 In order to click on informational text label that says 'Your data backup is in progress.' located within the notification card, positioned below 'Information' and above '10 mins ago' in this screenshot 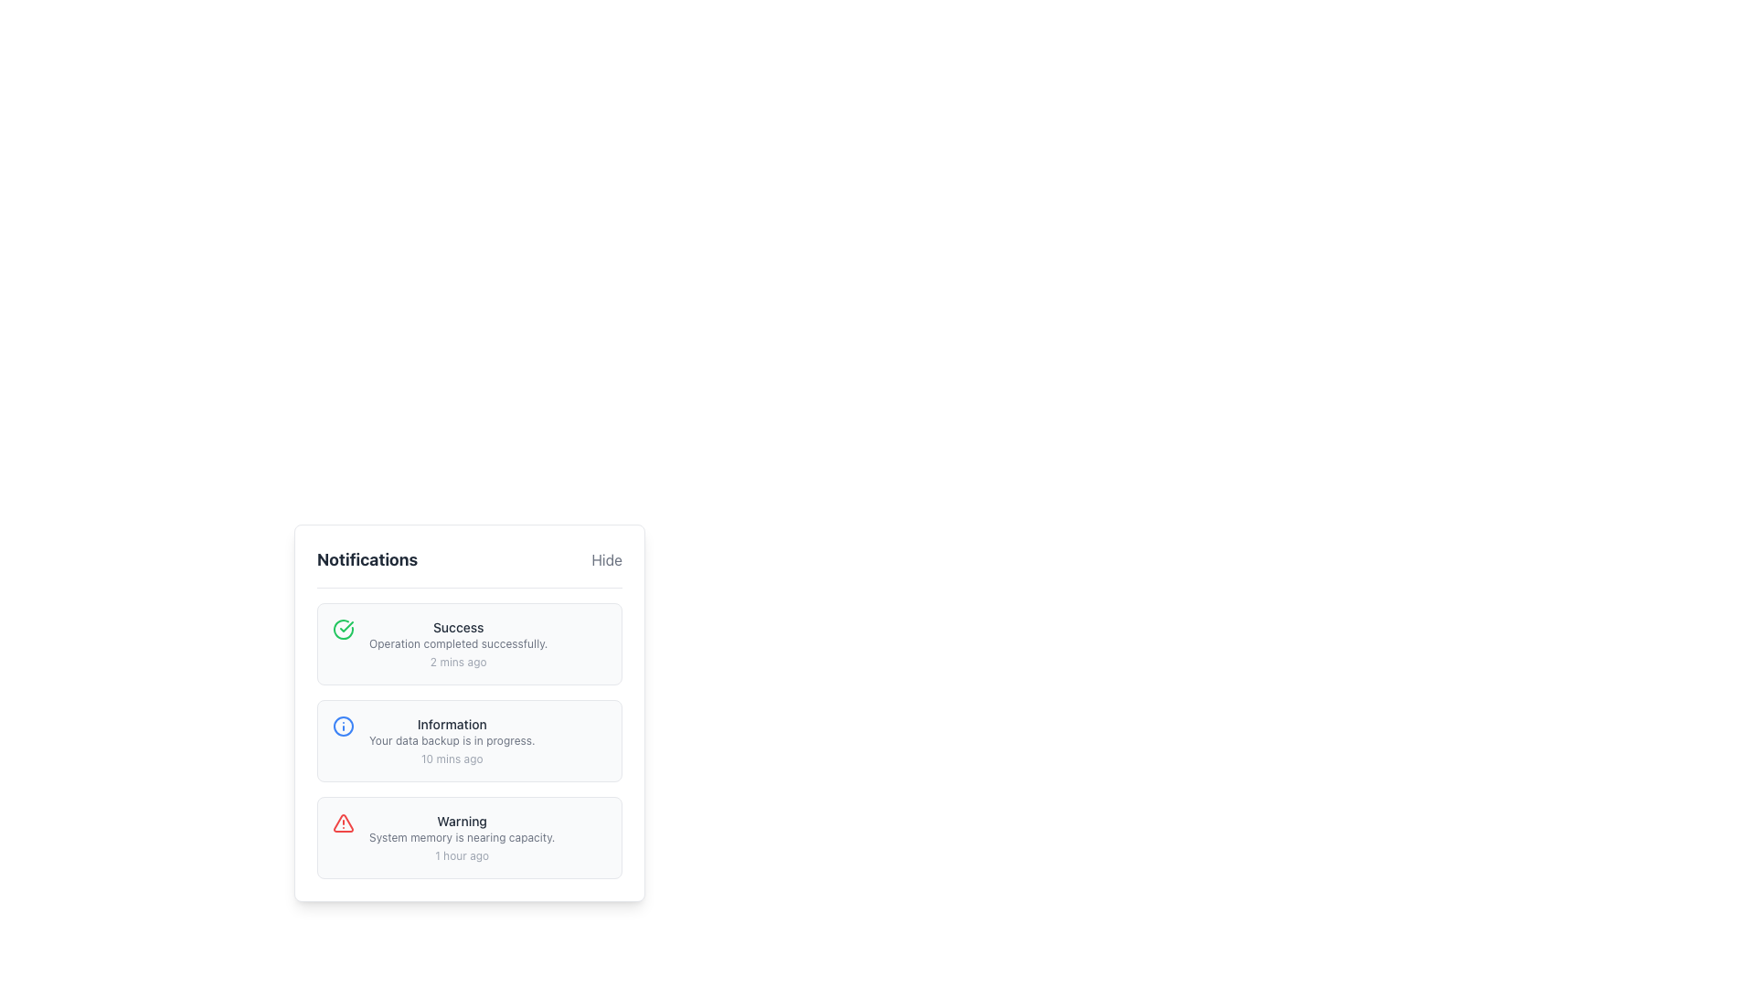, I will do `click(452, 740)`.